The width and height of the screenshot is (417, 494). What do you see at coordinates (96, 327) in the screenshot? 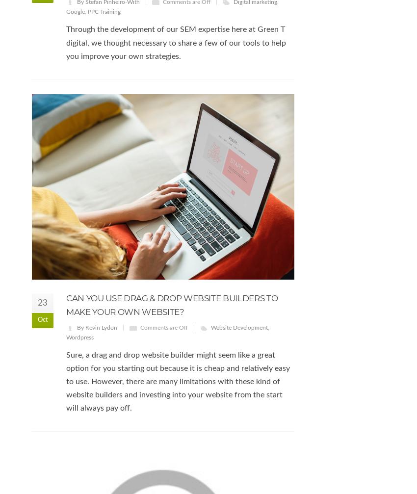
I see `'By  Kevin Lydon'` at bounding box center [96, 327].